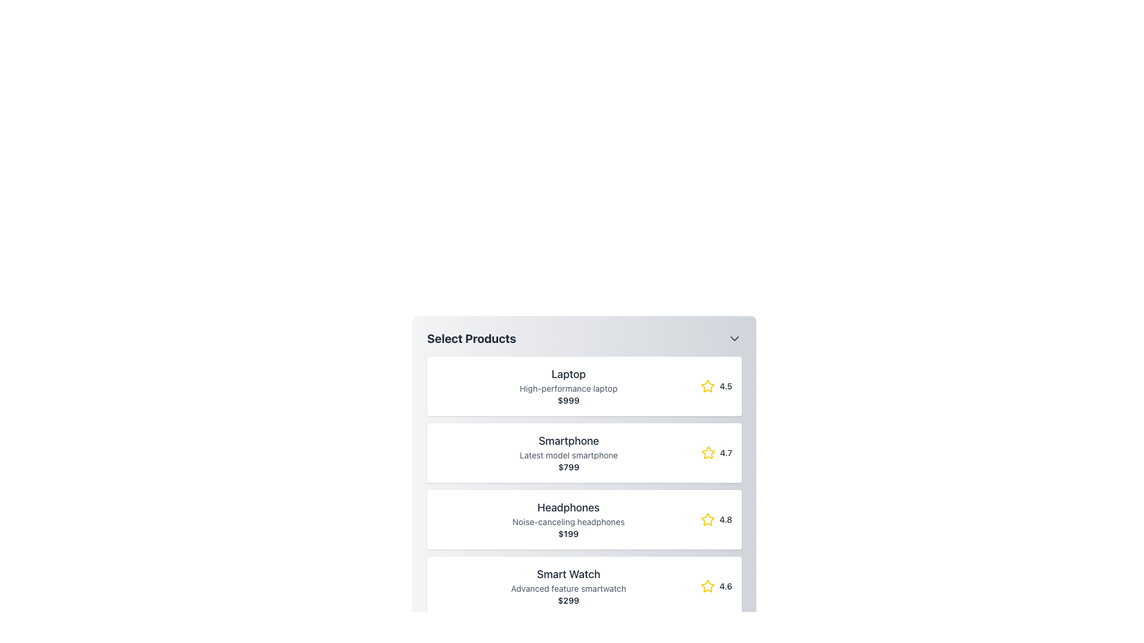  What do you see at coordinates (584, 486) in the screenshot?
I see `the second list item under the header 'Select Products'` at bounding box center [584, 486].